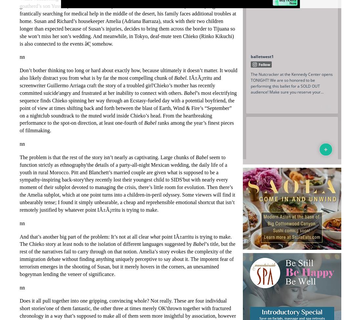 The height and width of the screenshot is (320, 361). What do you see at coordinates (126, 126) in the screenshot?
I see `'ranks among the year’s finest pieces of filmmaking.'` at bounding box center [126, 126].